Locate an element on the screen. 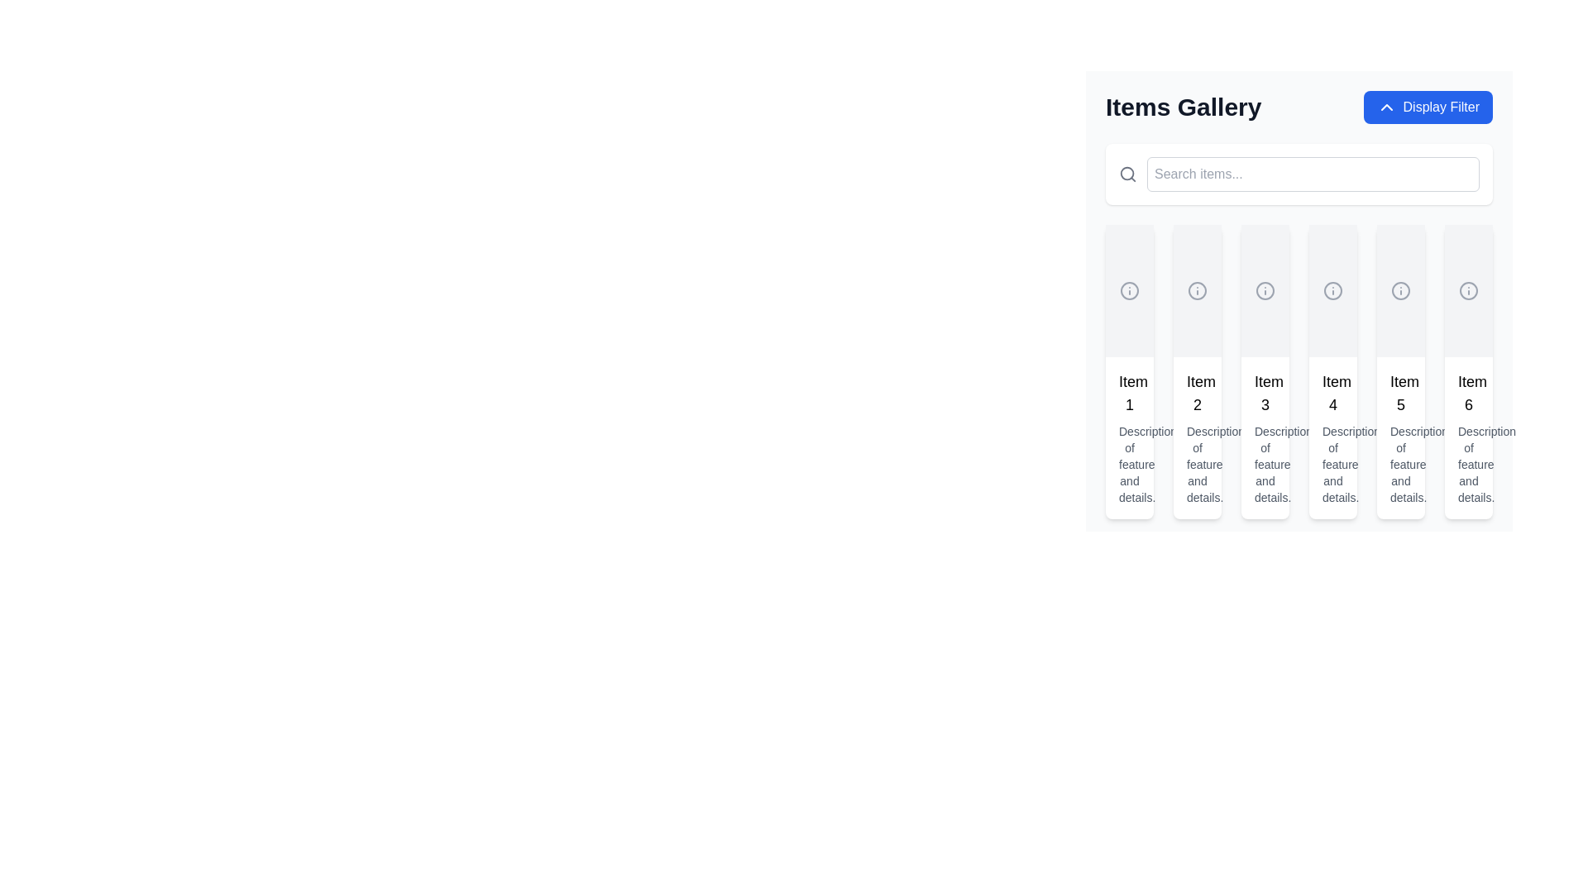  the static text block labeled 'Item 4', which is the fourth element in a horizontal list of feature cards is located at coordinates (1333, 437).